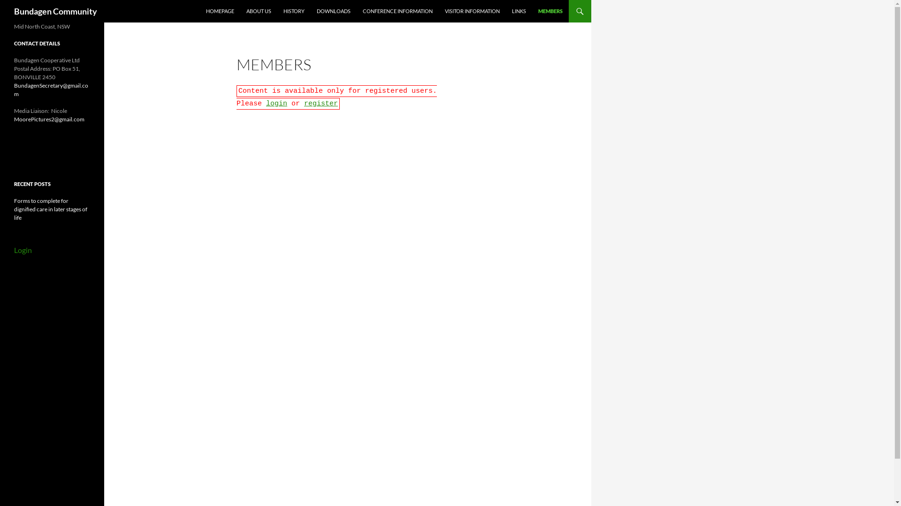  Describe the element at coordinates (259, 11) in the screenshot. I see `'ABOUT US'` at that location.